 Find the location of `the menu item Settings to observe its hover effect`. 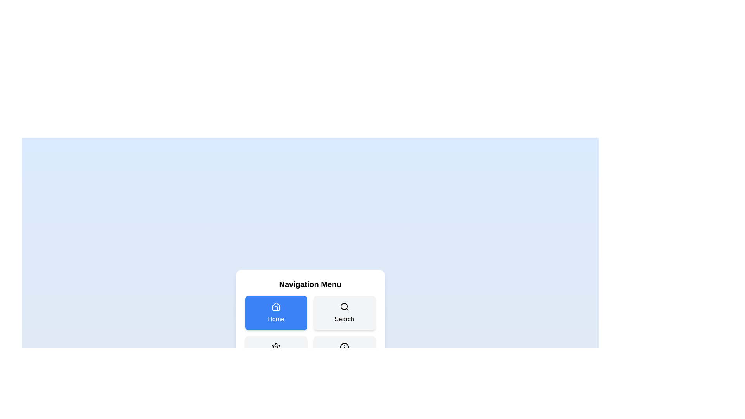

the menu item Settings to observe its hover effect is located at coordinates (276, 353).